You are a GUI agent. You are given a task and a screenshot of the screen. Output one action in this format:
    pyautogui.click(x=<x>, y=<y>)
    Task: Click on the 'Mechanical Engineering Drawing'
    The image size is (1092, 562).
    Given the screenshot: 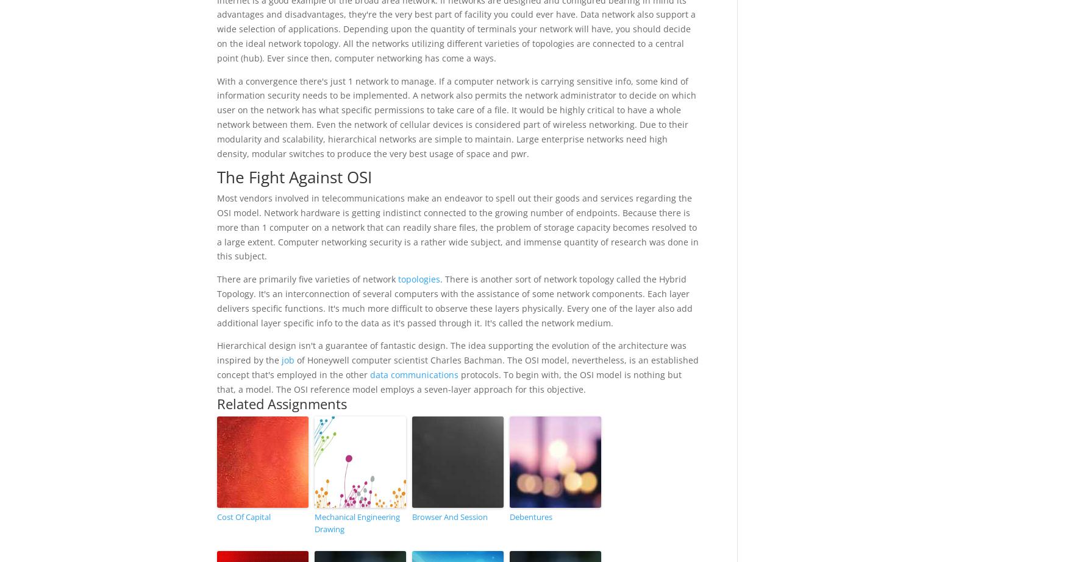 What is the action you would take?
    pyautogui.click(x=356, y=522)
    